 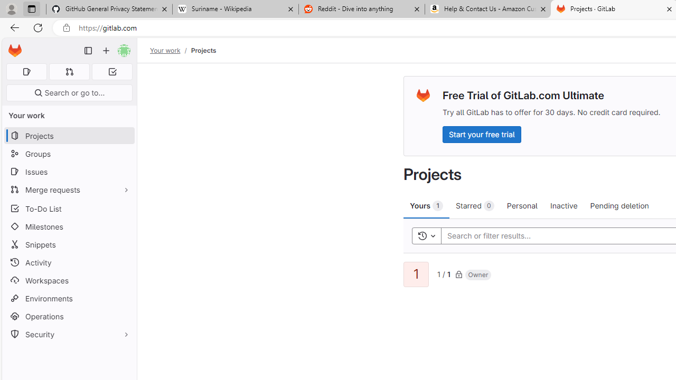 What do you see at coordinates (69, 189) in the screenshot?
I see `'Merge requests'` at bounding box center [69, 189].